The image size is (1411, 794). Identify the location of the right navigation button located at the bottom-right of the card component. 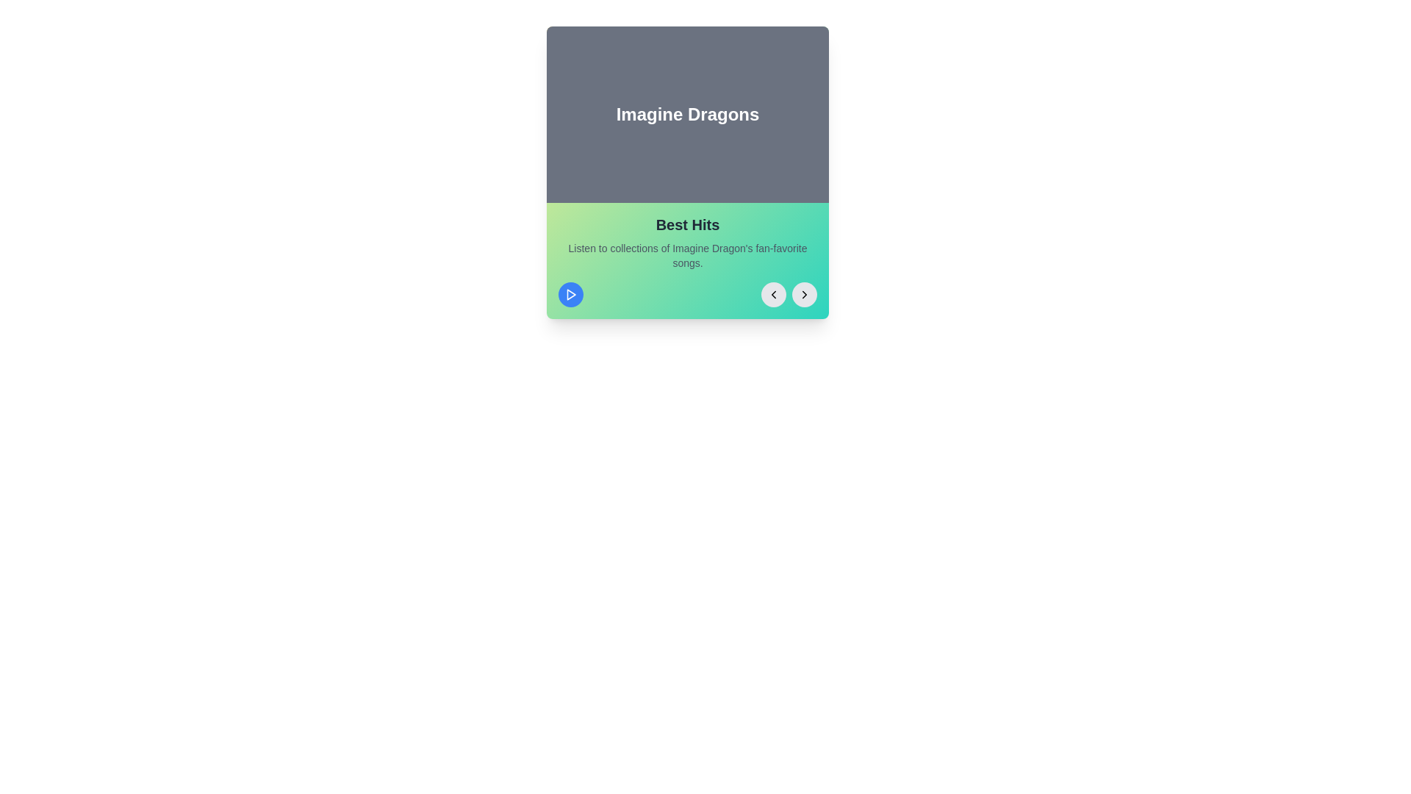
(789, 295).